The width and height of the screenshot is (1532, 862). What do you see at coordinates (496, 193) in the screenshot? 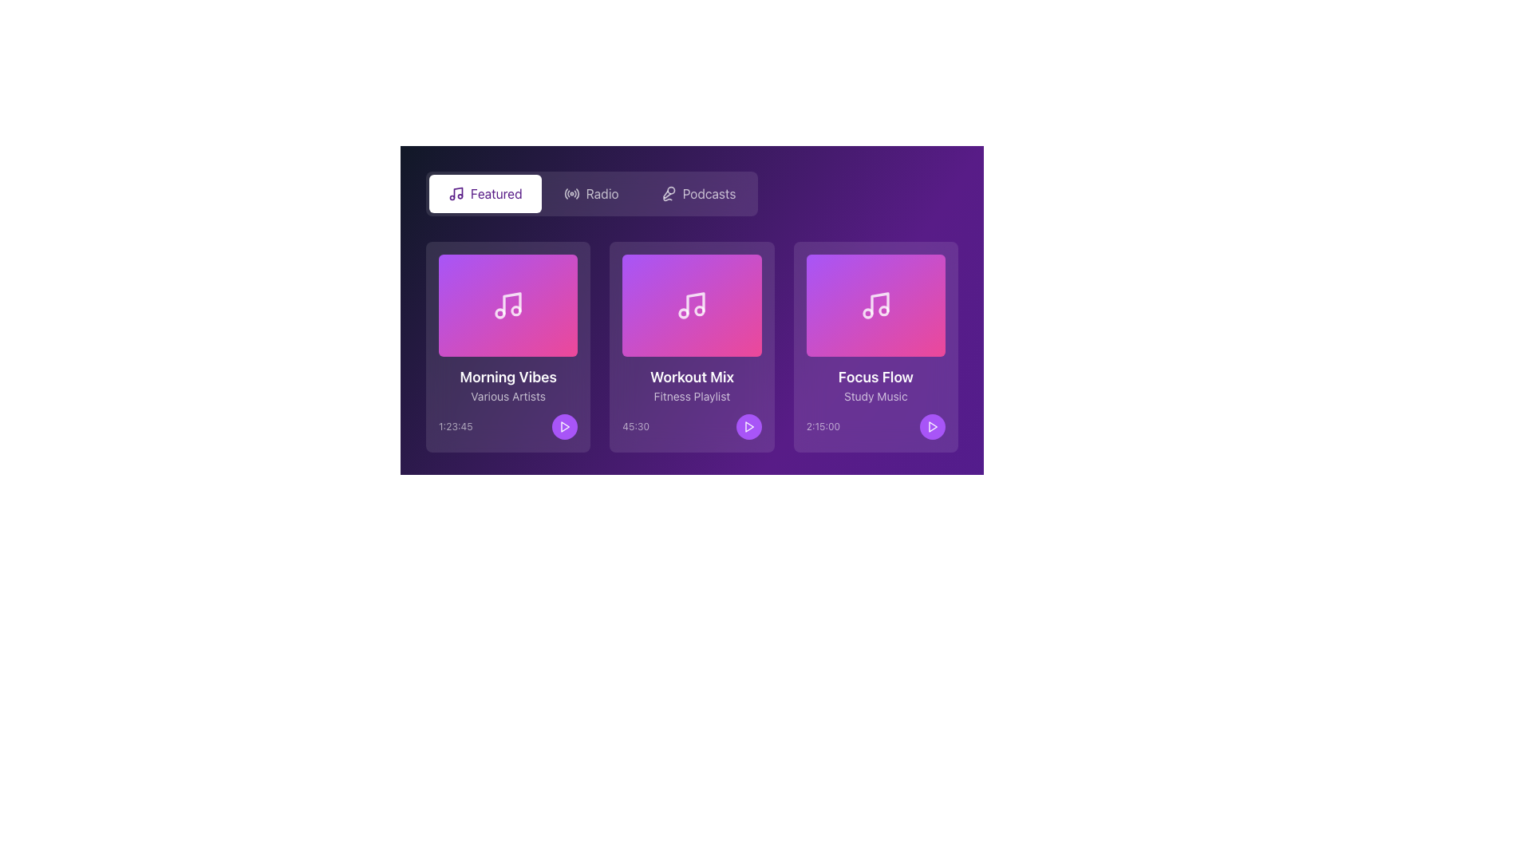
I see `the 'Featured' text element, which is styled in purple color and located within a white rectangular background in the navigation bar` at bounding box center [496, 193].